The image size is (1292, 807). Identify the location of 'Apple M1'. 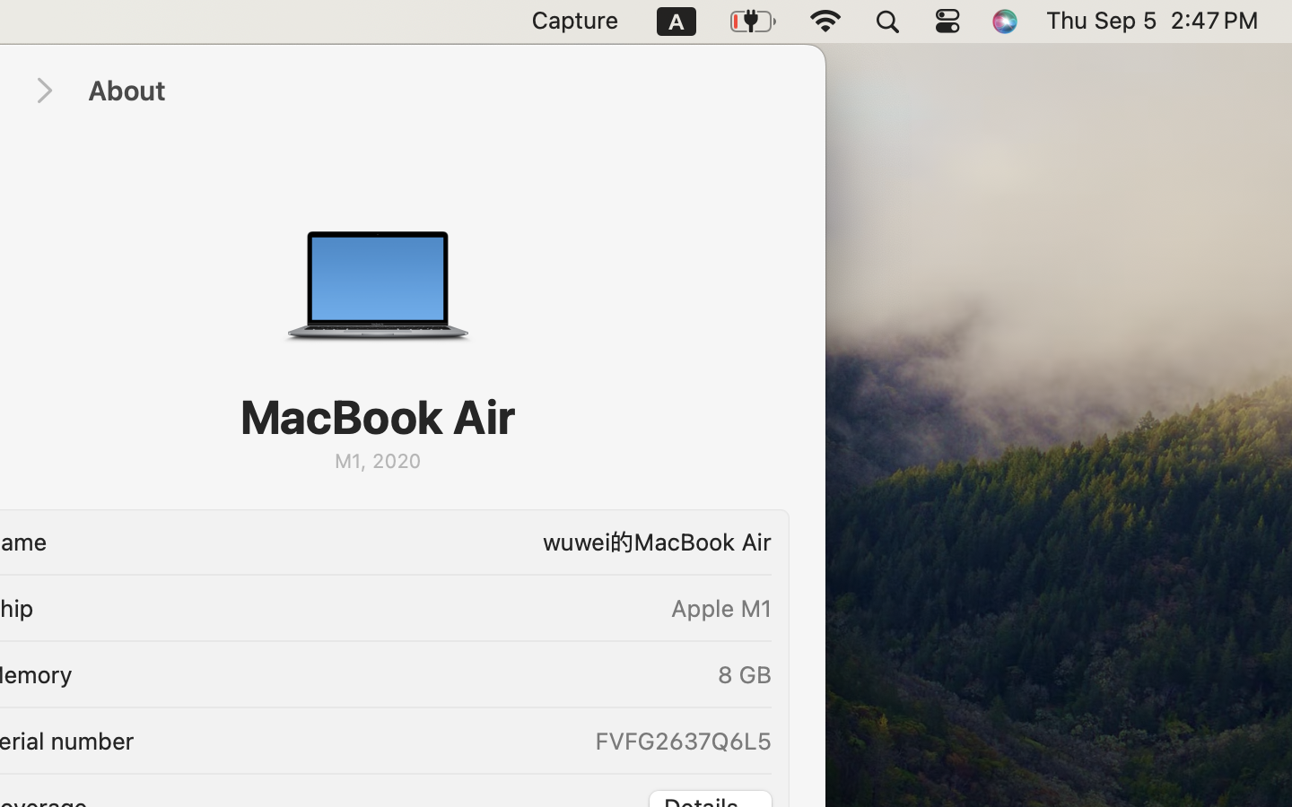
(720, 606).